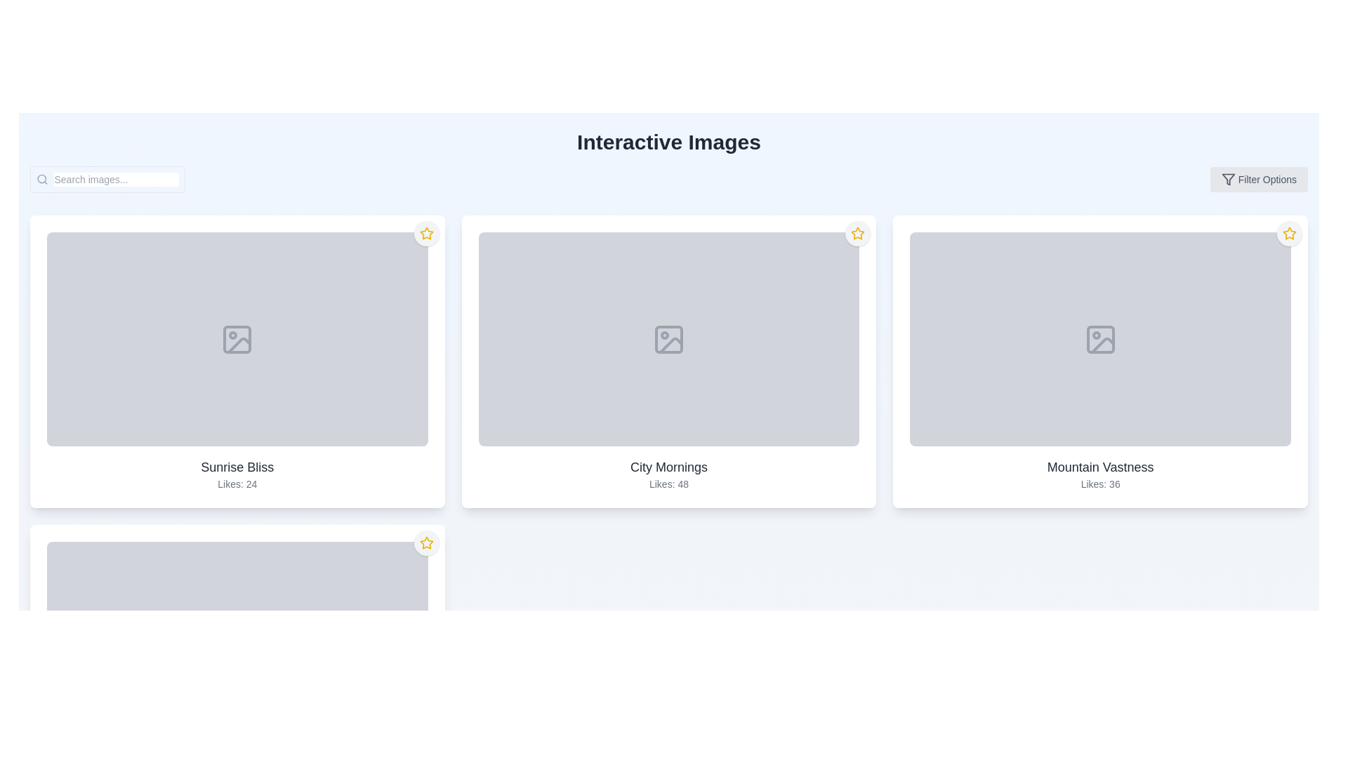  What do you see at coordinates (239, 345) in the screenshot?
I see `the gray slanted line icon that resembles a mountain shape, located in the top-left region of a square placeholder icon within the first card of a three-card layout` at bounding box center [239, 345].